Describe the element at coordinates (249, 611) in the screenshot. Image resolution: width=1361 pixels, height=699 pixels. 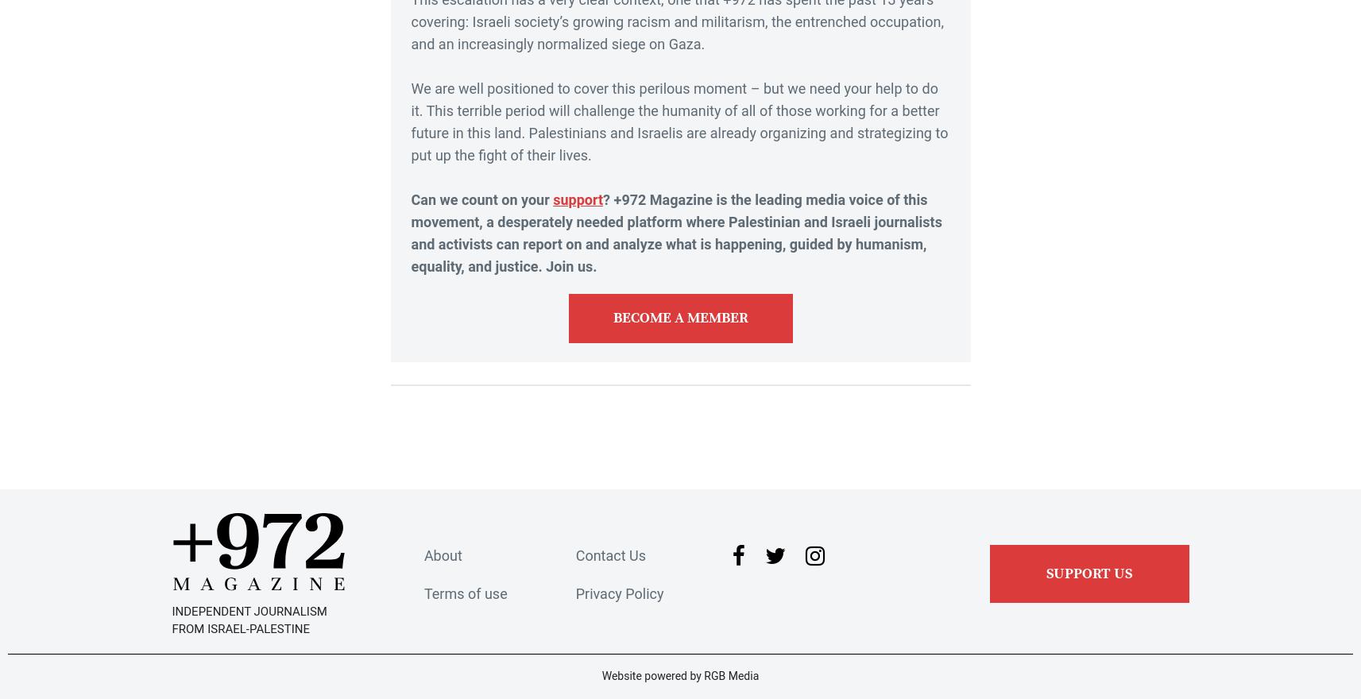
I see `'INDEPENDENT JOURNALISM'` at that location.